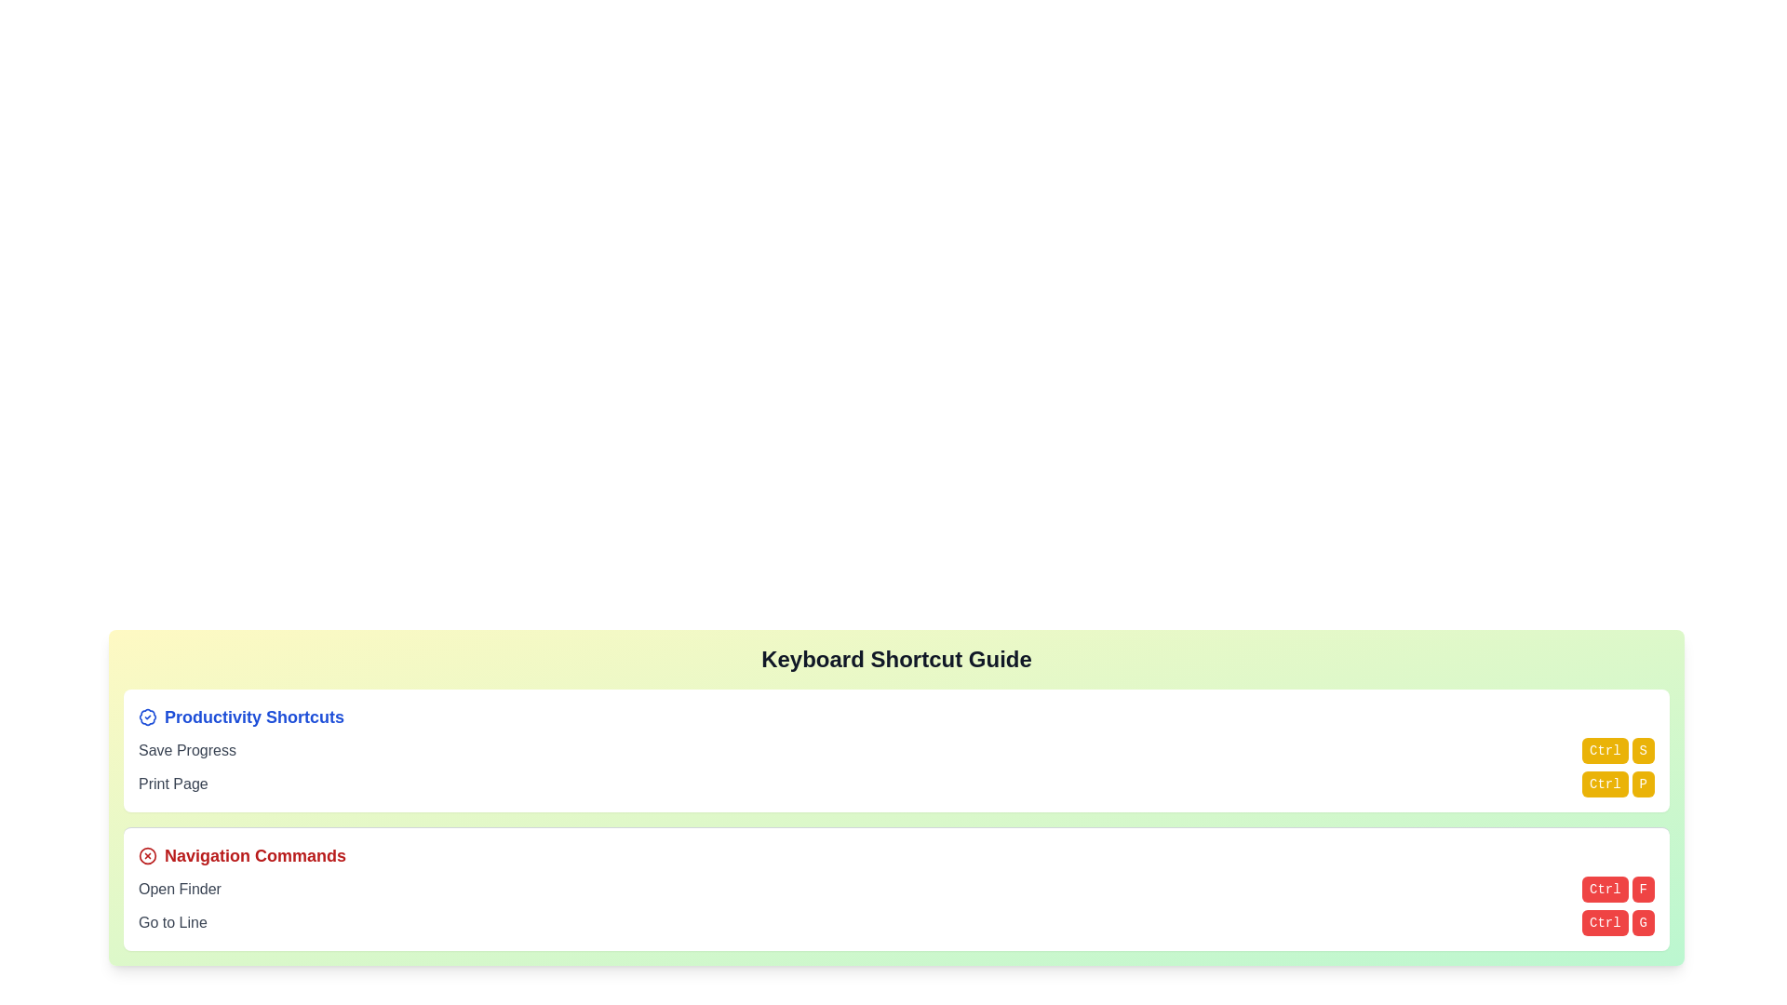  I want to click on the 'Ctrl' button, which displays the keyboard shortcut key 'Ctrl' and is part of a pair with the adjacent 'P' button in the 'Navigation Commands' section, so click(1604, 784).